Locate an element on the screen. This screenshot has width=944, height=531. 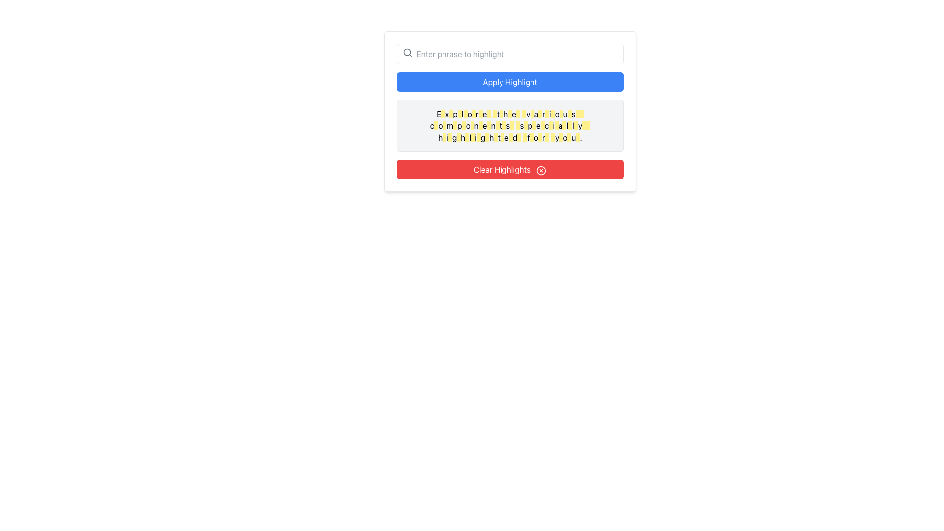
the Visual Highlight element with a yellow background and contrasting yellow-brown text, located near the phrase 'highlighted for you.' is located at coordinates (546, 138).